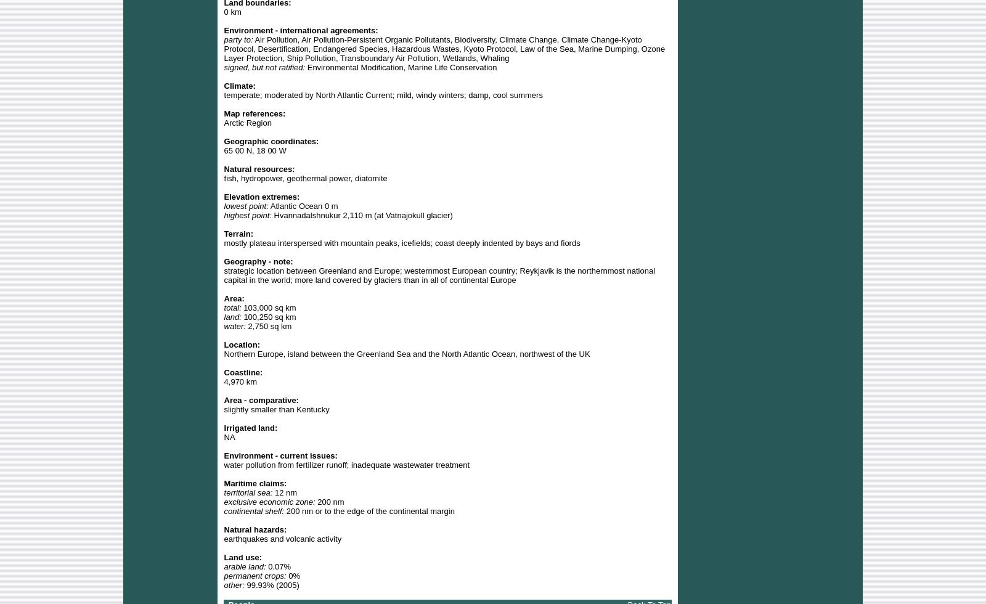  I want to click on '65 00 N, 18 00 W', so click(254, 150).